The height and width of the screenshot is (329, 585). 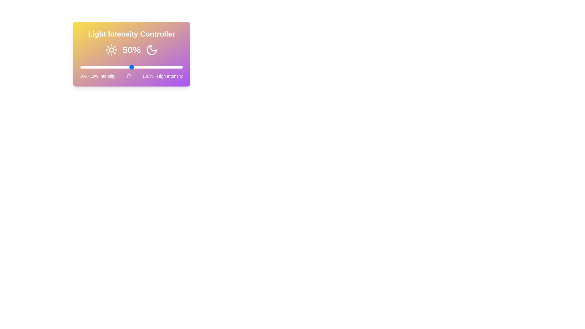 What do you see at coordinates (91, 67) in the screenshot?
I see `the light intensity to 11%, where 11 is a value between 0 and 100` at bounding box center [91, 67].